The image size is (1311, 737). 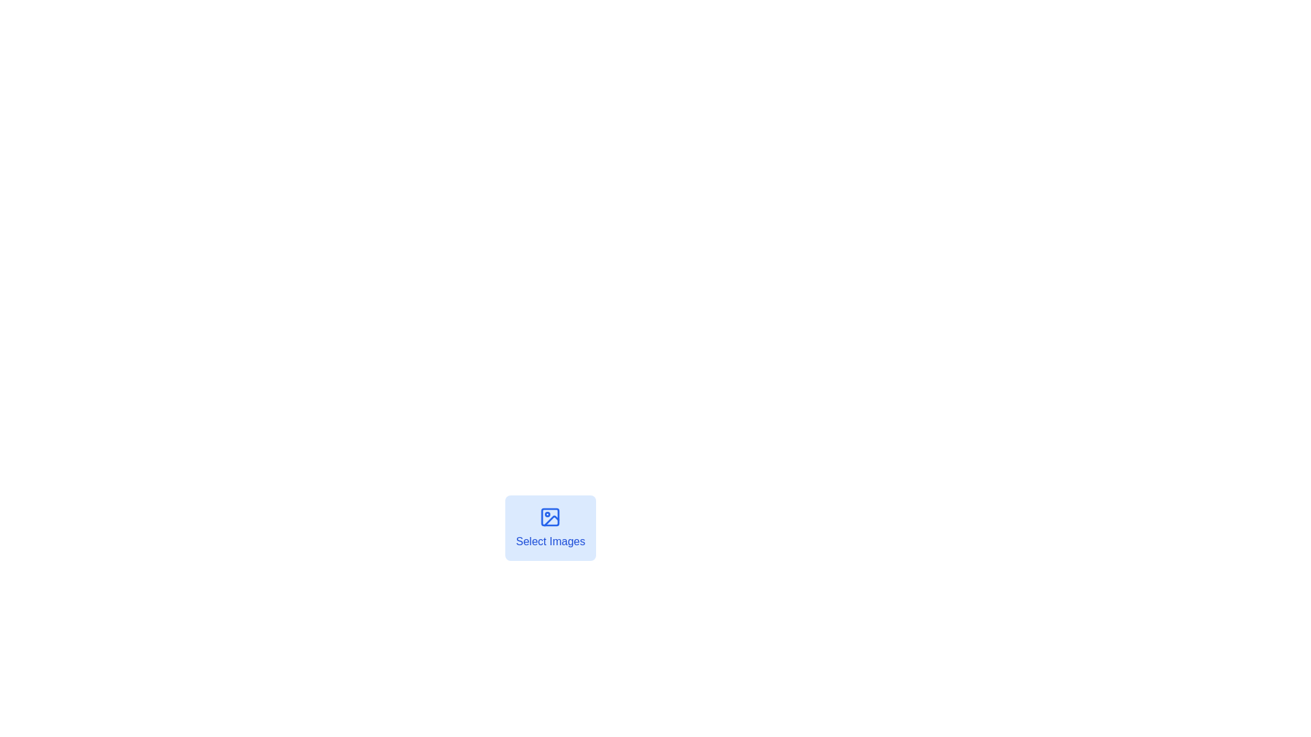 I want to click on the rectangular button with a light blue background and rounded corners labeled 'Select Images', so click(x=550, y=528).